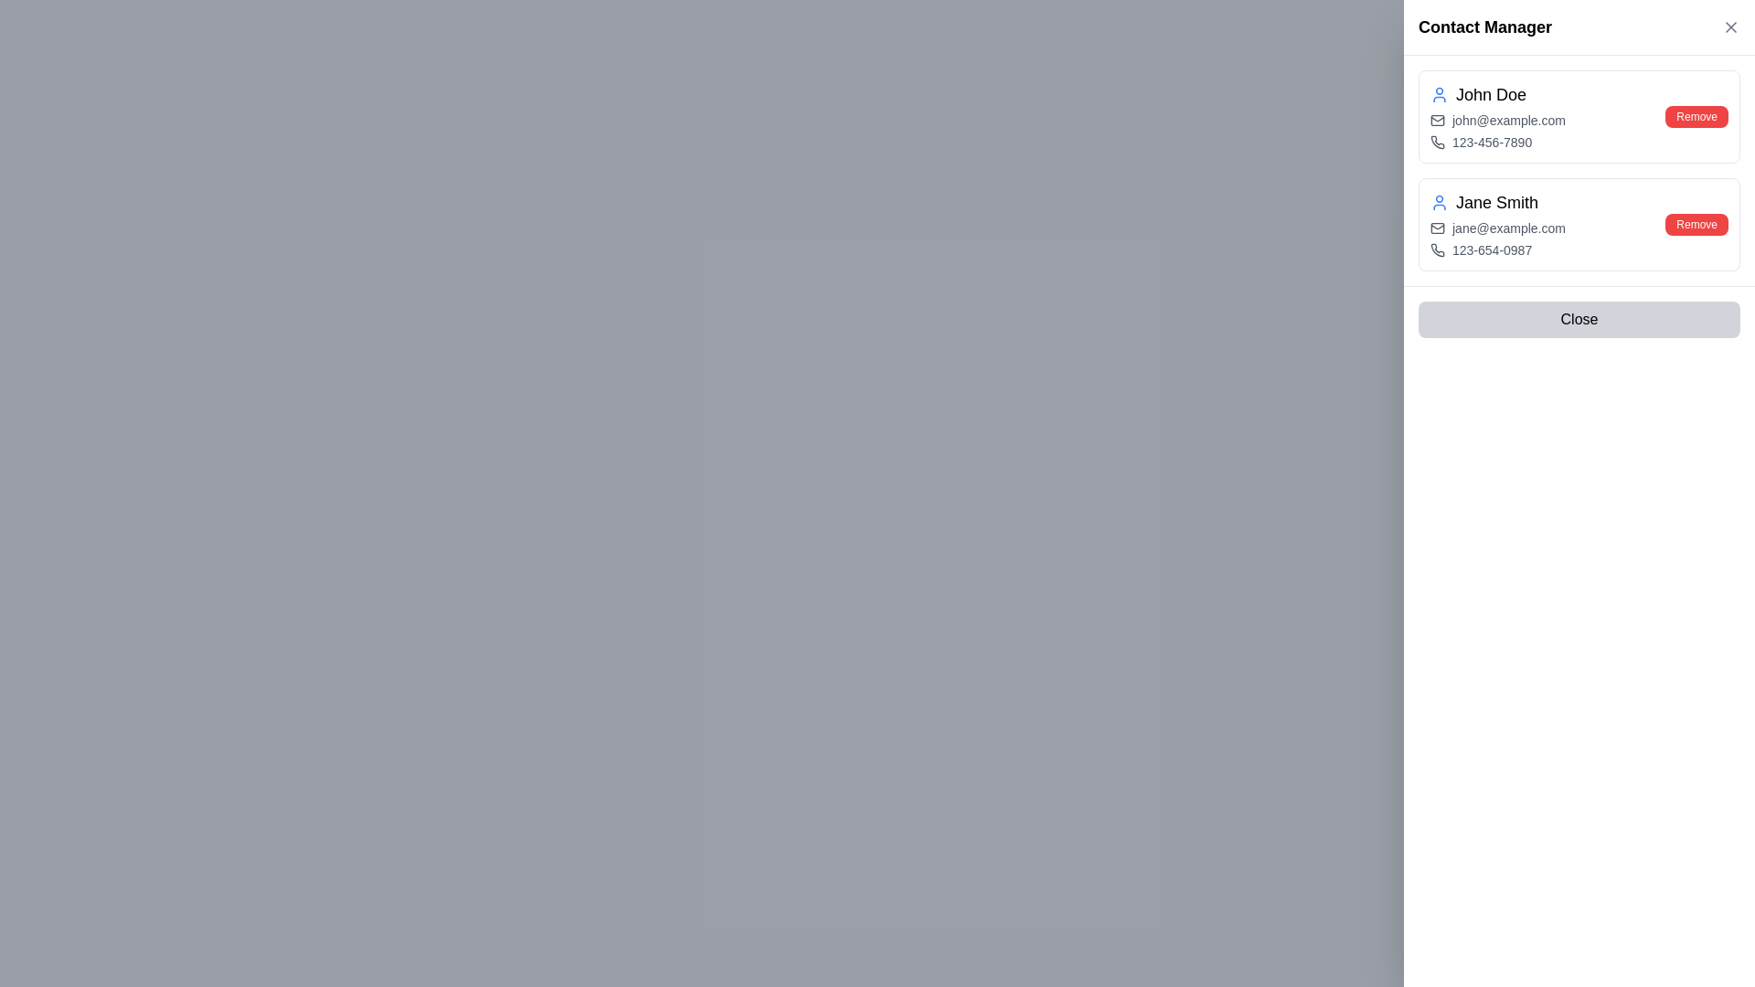 The height and width of the screenshot is (987, 1755). What do you see at coordinates (1437, 228) in the screenshot?
I see `the SVG rectangle element that visually represents an email envelope next to 'Jane Smith's' email address 'jane@example.com'` at bounding box center [1437, 228].